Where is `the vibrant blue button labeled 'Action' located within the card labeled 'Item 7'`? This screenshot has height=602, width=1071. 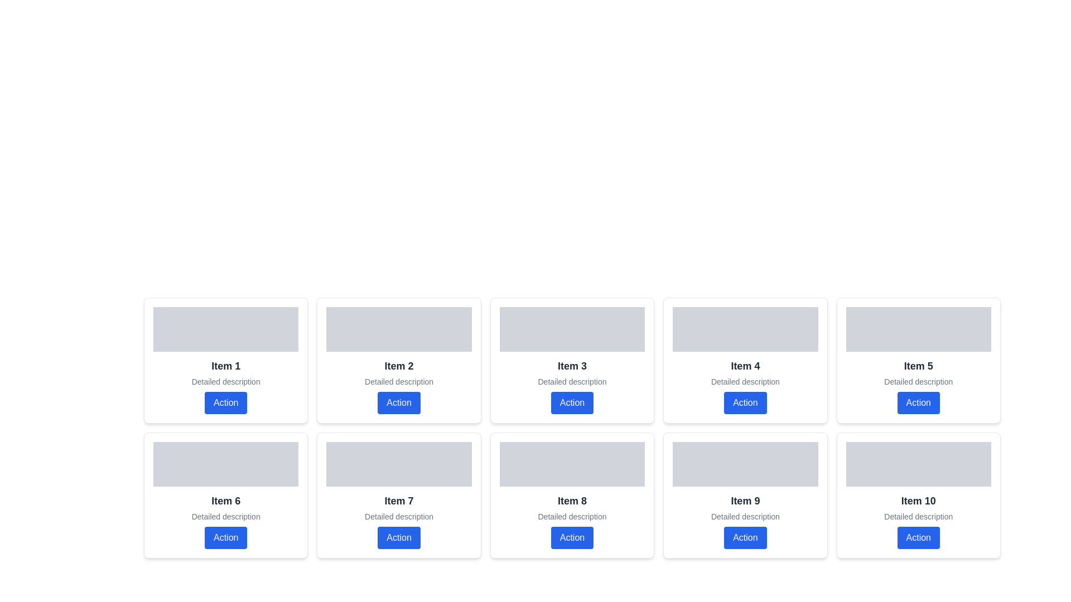 the vibrant blue button labeled 'Action' located within the card labeled 'Item 7' is located at coordinates (399, 537).